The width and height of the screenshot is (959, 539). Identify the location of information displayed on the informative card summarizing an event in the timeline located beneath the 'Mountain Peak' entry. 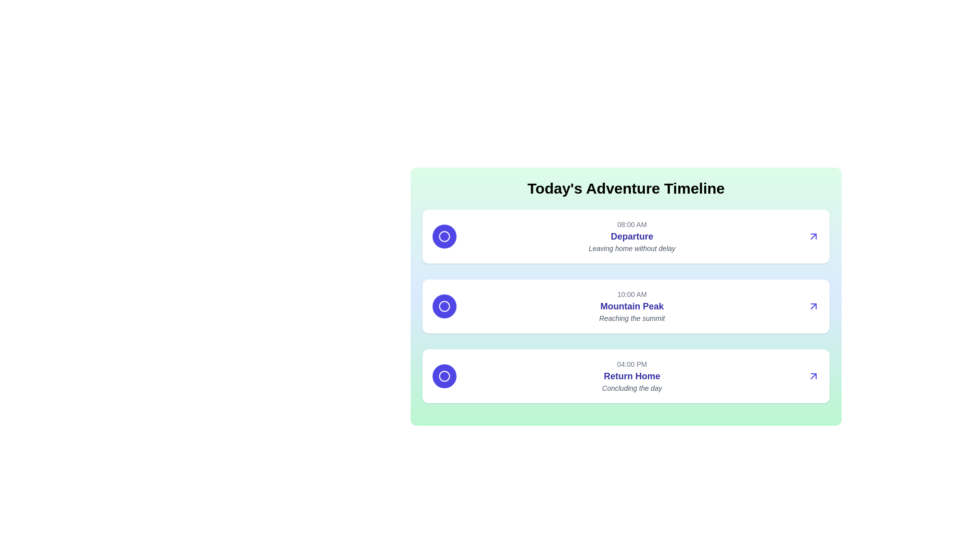
(625, 376).